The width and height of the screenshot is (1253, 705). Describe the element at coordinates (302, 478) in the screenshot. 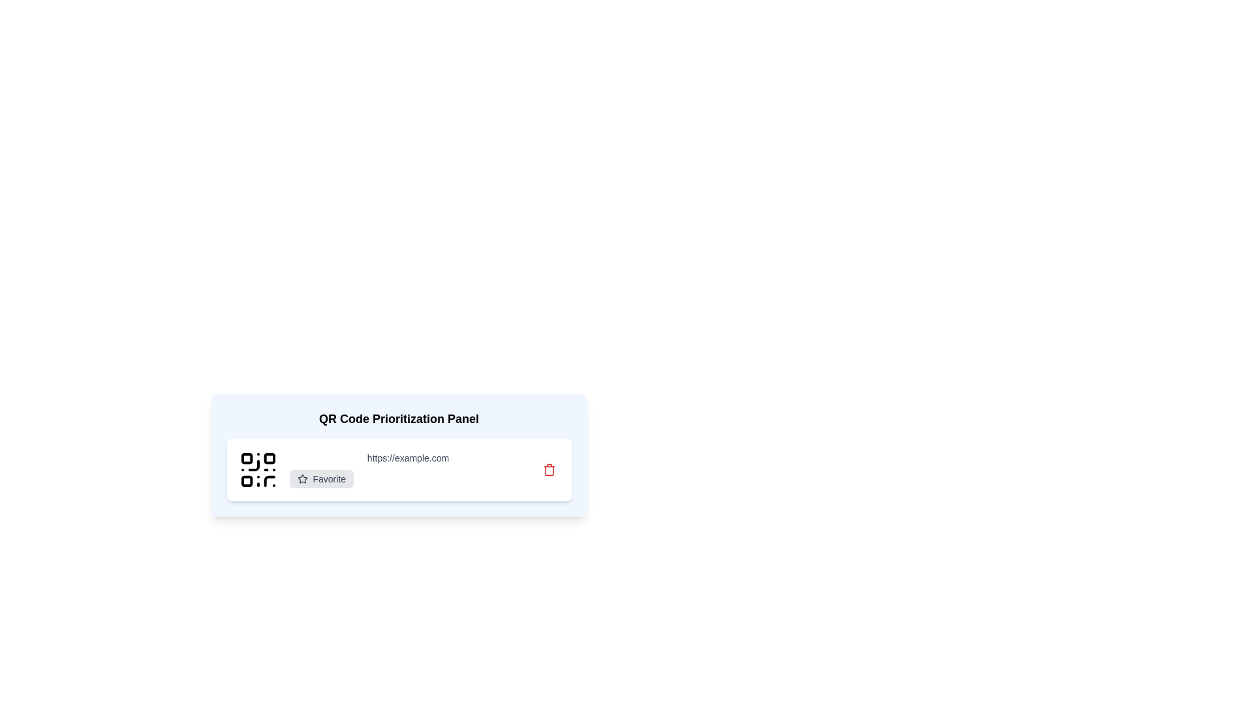

I see `the star-shaped icon that is part of the 'Favorite' button` at that location.